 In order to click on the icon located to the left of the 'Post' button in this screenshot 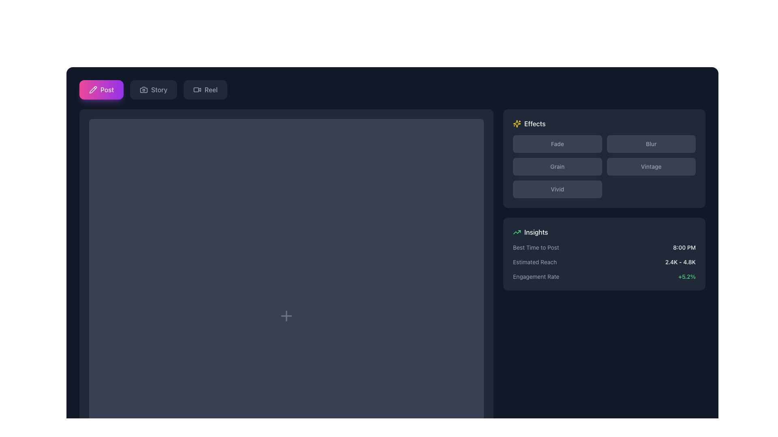, I will do `click(93, 90)`.